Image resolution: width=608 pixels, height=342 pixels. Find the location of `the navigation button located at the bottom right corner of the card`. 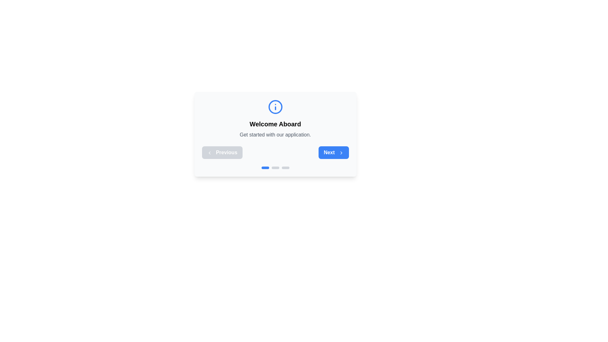

the navigation button located at the bottom right corner of the card is located at coordinates (333, 153).